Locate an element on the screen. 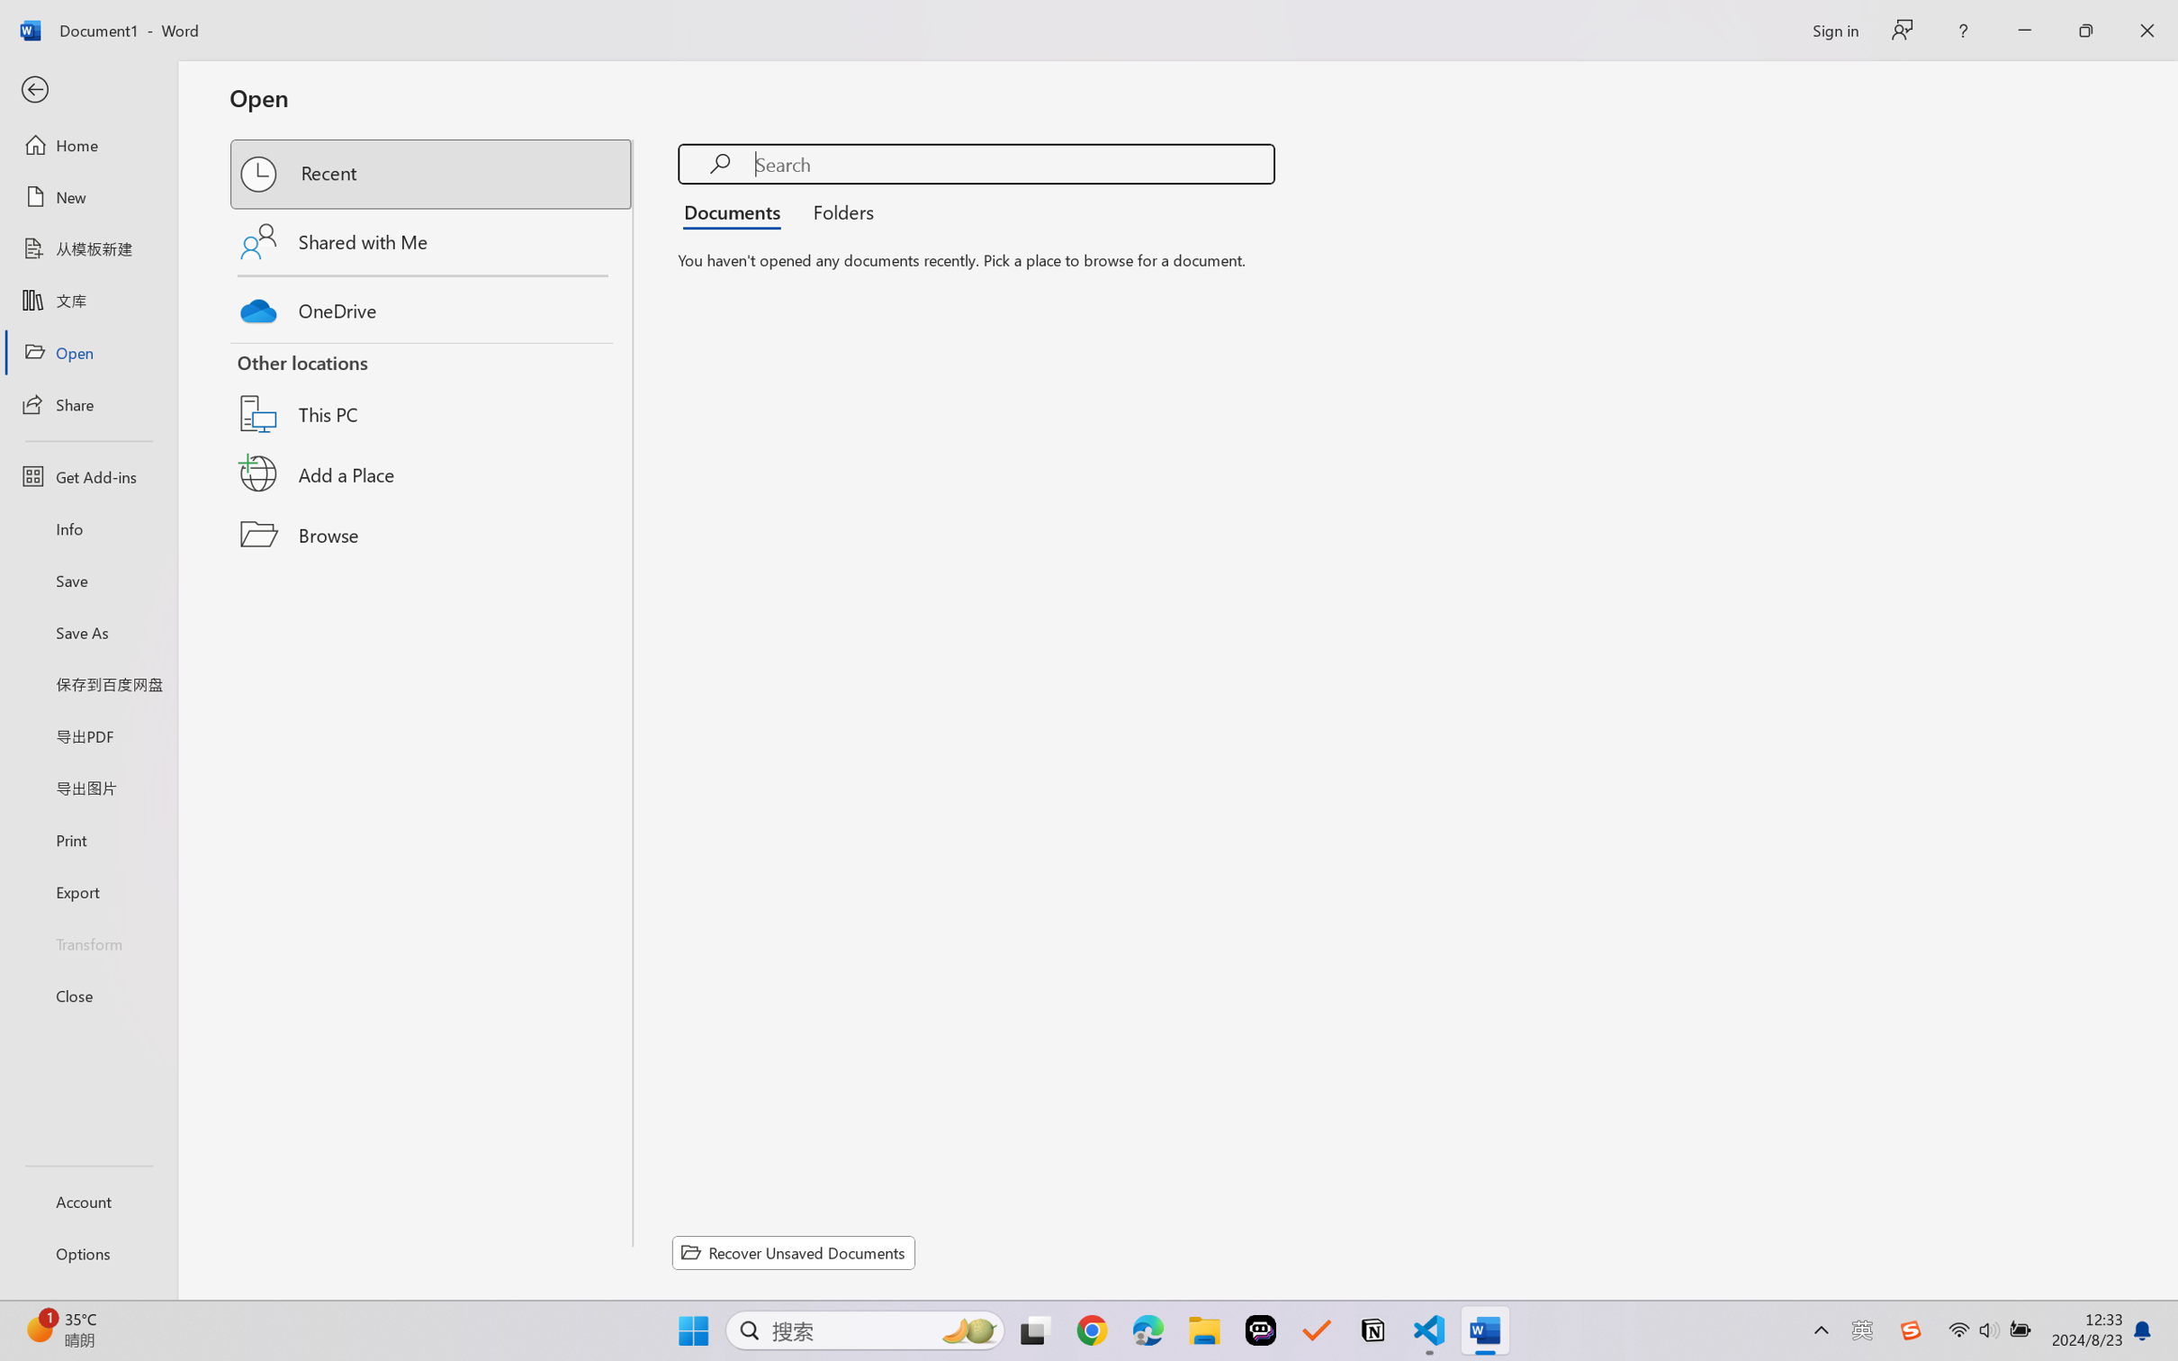 This screenshot has width=2178, height=1361. 'Add a Place' is located at coordinates (432, 473).